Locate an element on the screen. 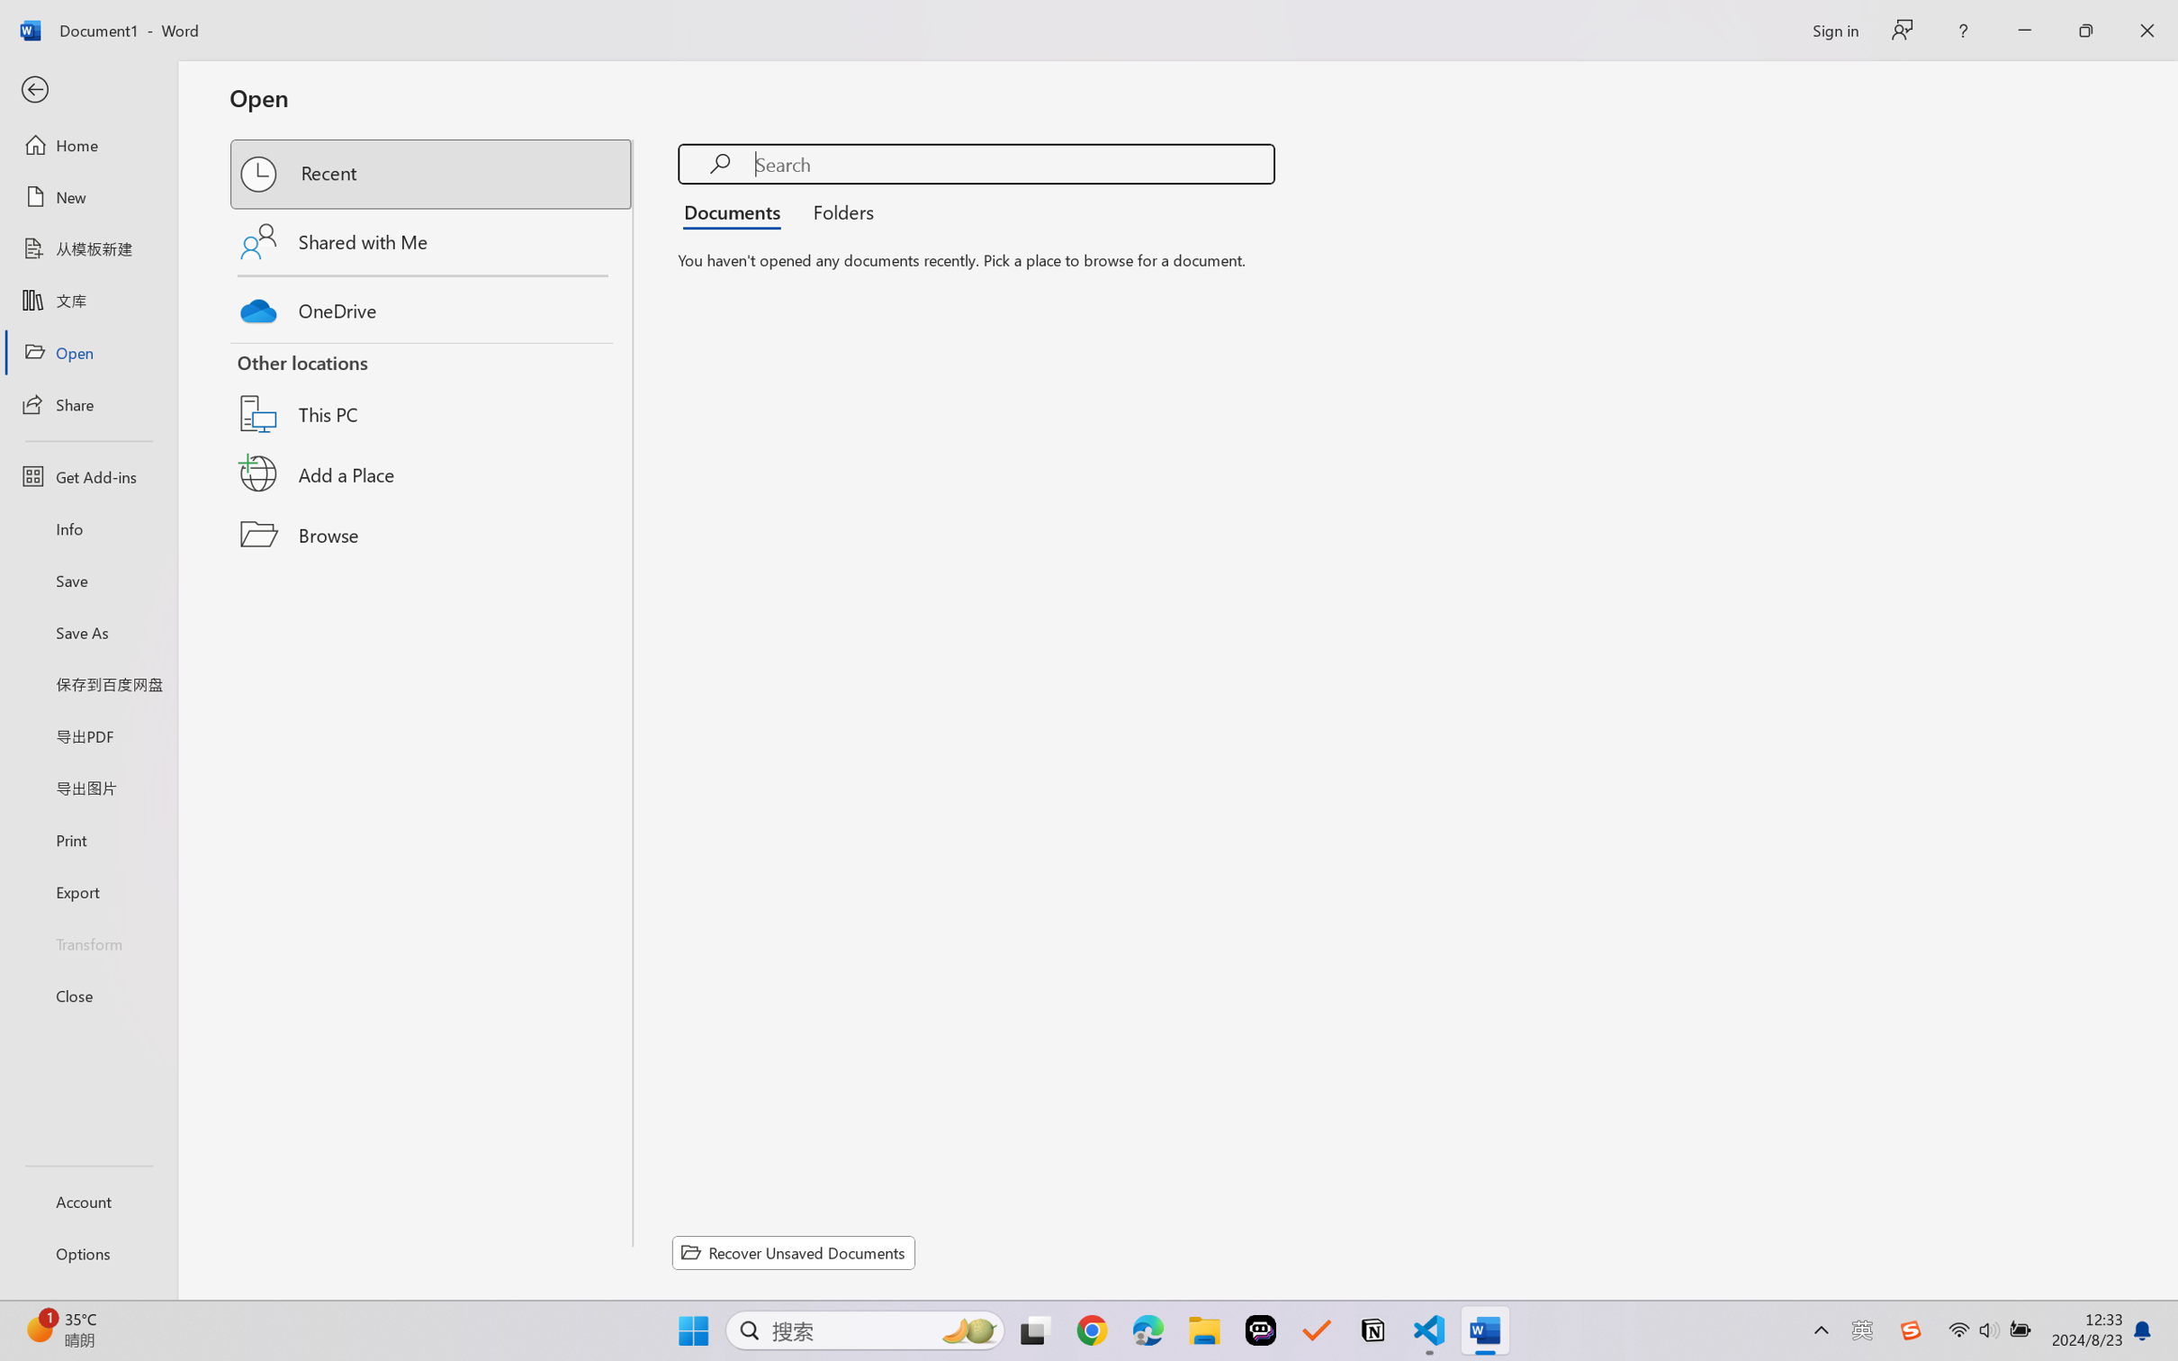 This screenshot has width=2178, height=1361. 'Add a Place' is located at coordinates (432, 473).